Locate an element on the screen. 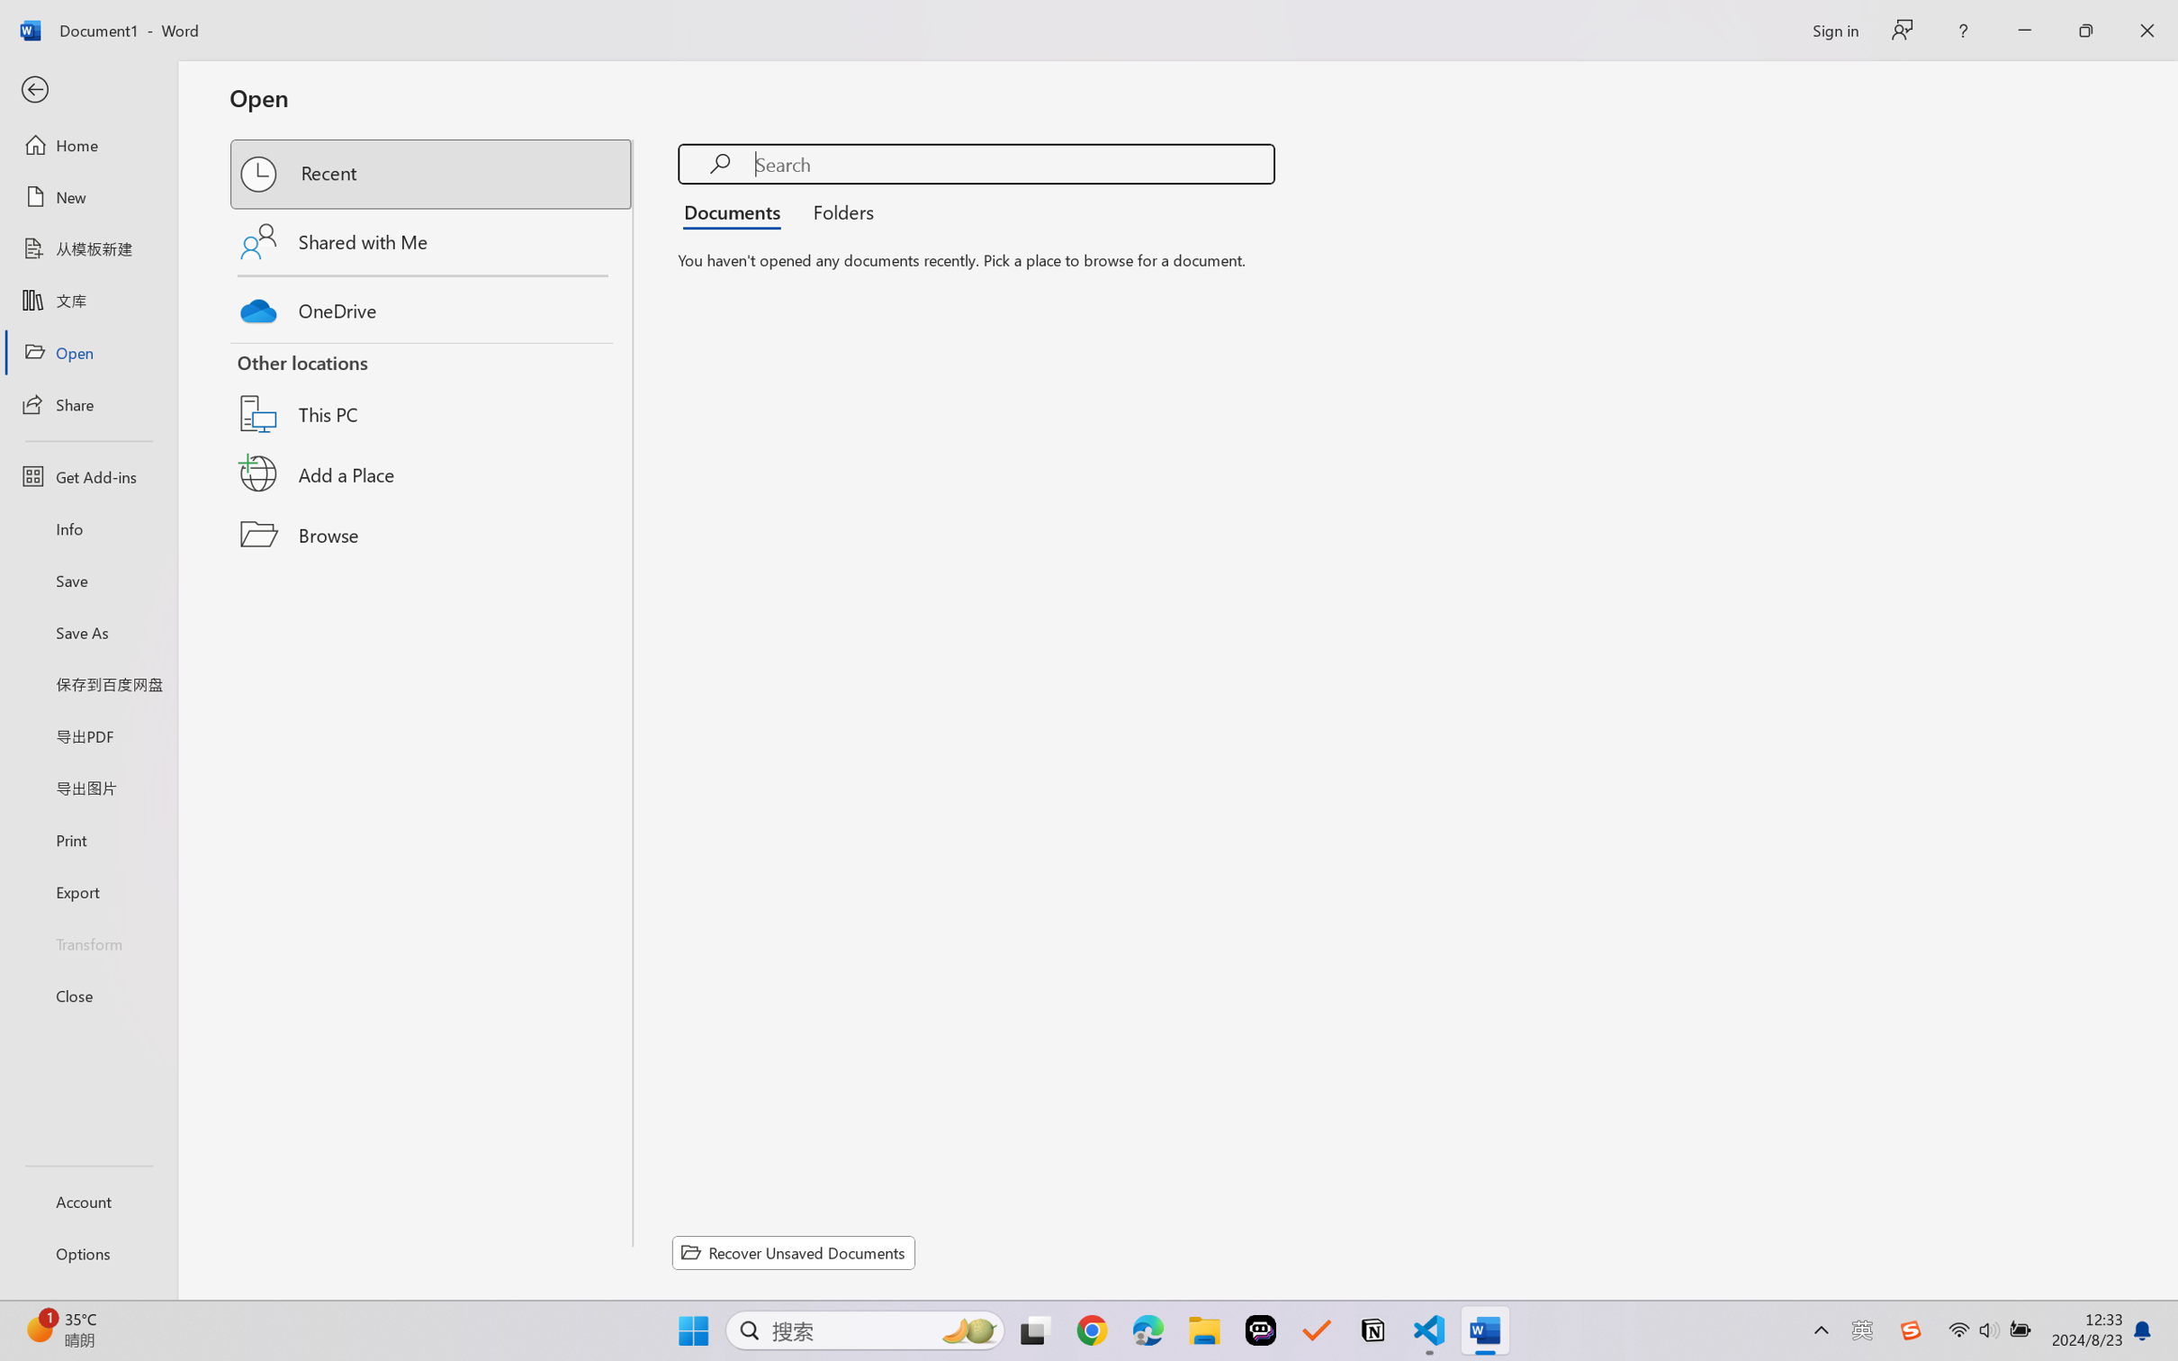 This screenshot has width=2178, height=1361. 'Add a Place' is located at coordinates (432, 473).